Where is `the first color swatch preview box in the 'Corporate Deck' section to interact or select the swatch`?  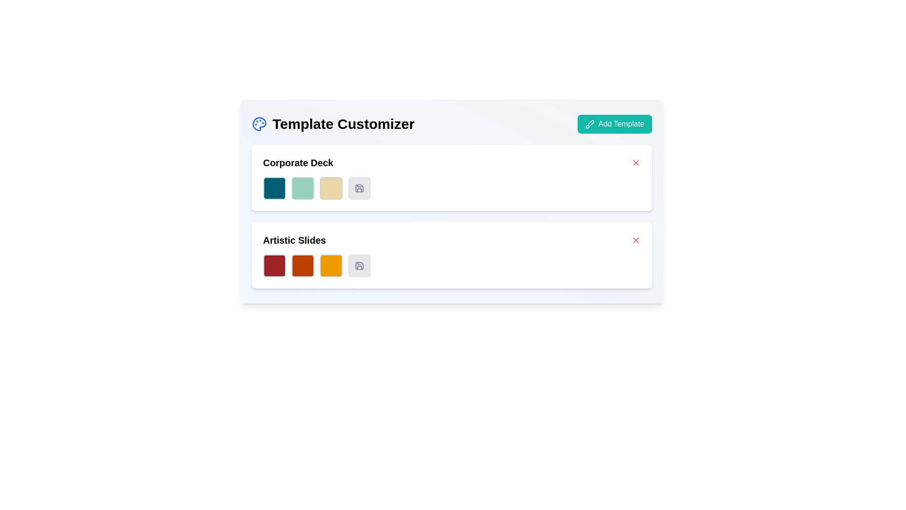 the first color swatch preview box in the 'Corporate Deck' section to interact or select the swatch is located at coordinates (274, 188).